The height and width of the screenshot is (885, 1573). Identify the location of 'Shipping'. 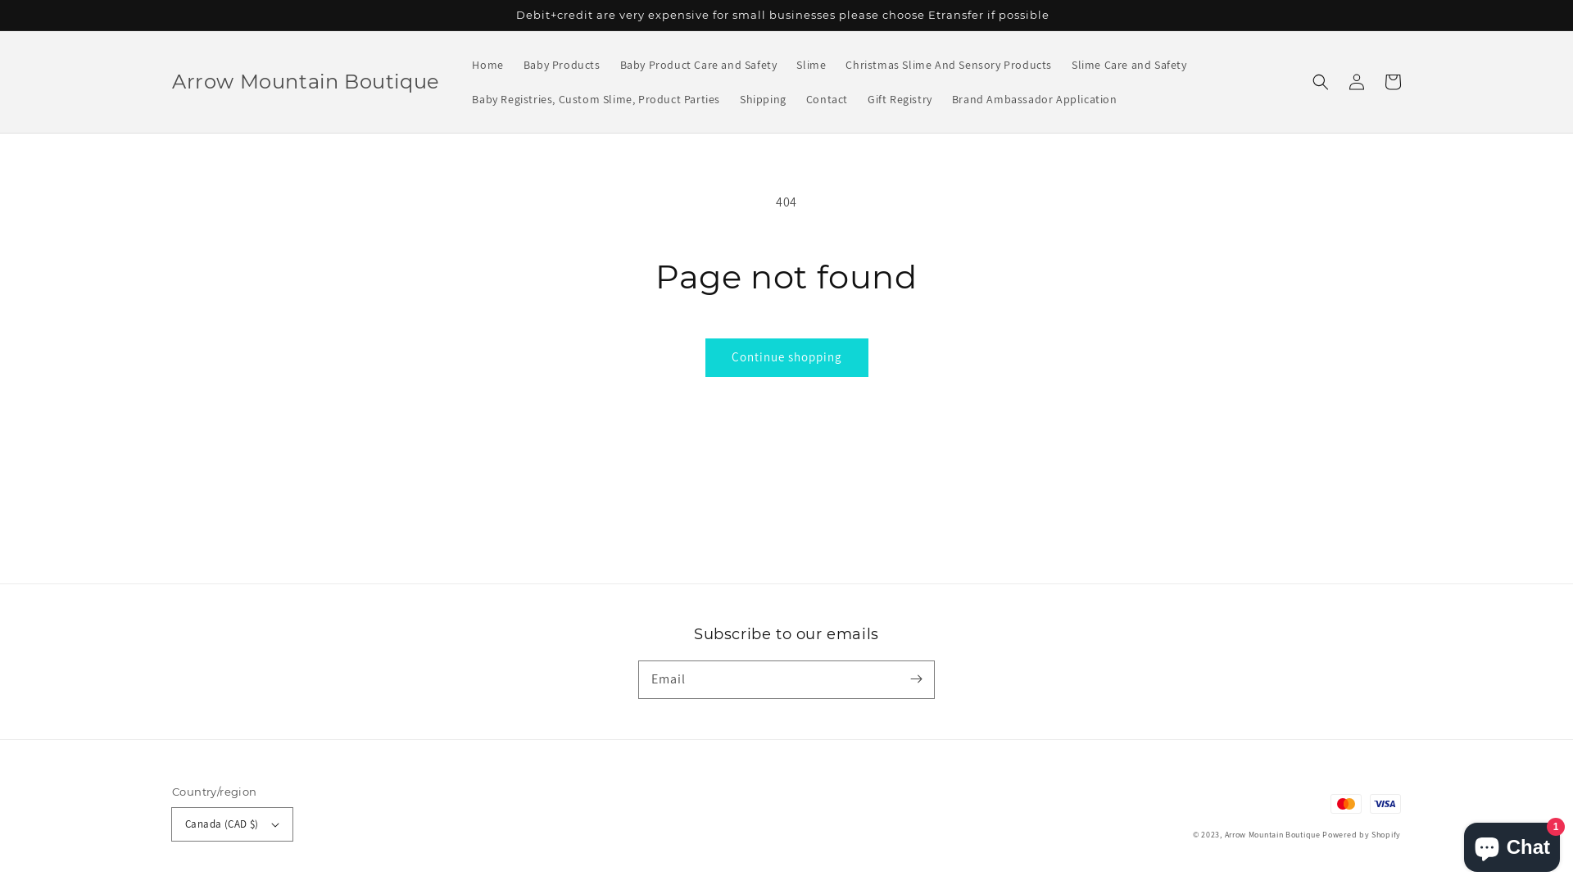
(762, 98).